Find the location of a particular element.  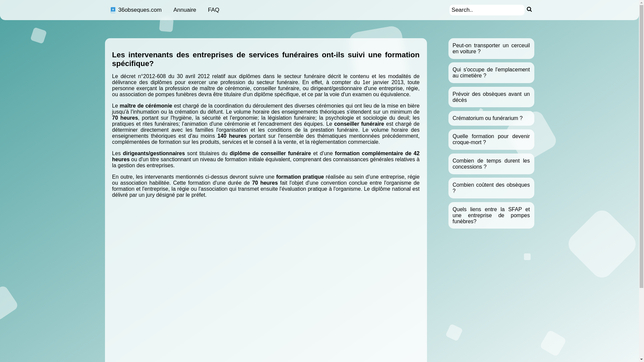

'Annuaire' is located at coordinates (185, 10).